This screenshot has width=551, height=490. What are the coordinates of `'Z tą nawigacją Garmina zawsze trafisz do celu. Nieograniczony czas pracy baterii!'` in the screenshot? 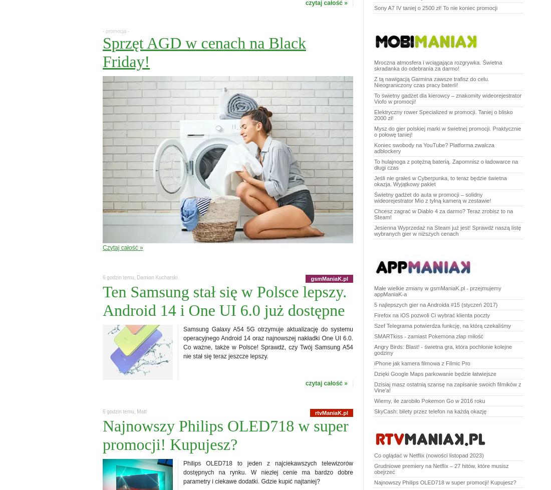 It's located at (431, 82).